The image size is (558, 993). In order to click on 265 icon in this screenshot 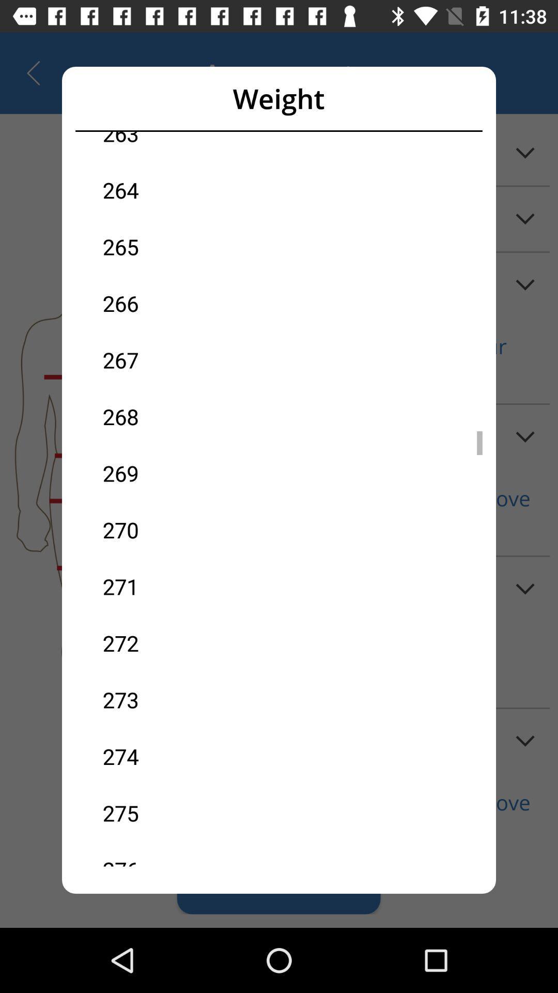, I will do `click(191, 246)`.